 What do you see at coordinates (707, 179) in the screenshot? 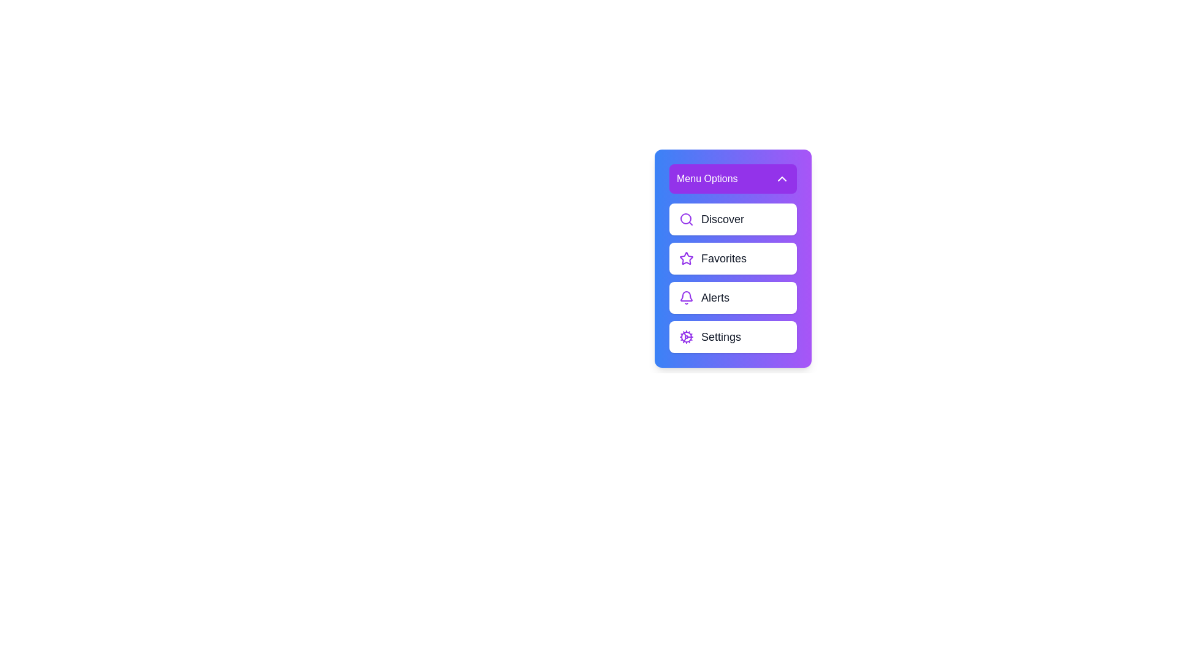
I see `the purple rectangular button labeled 'Menu Options' which is located at the top segment of the menu interface, centrally aligned with the title text and positioned beside an upward-pointing arrow icon` at bounding box center [707, 179].